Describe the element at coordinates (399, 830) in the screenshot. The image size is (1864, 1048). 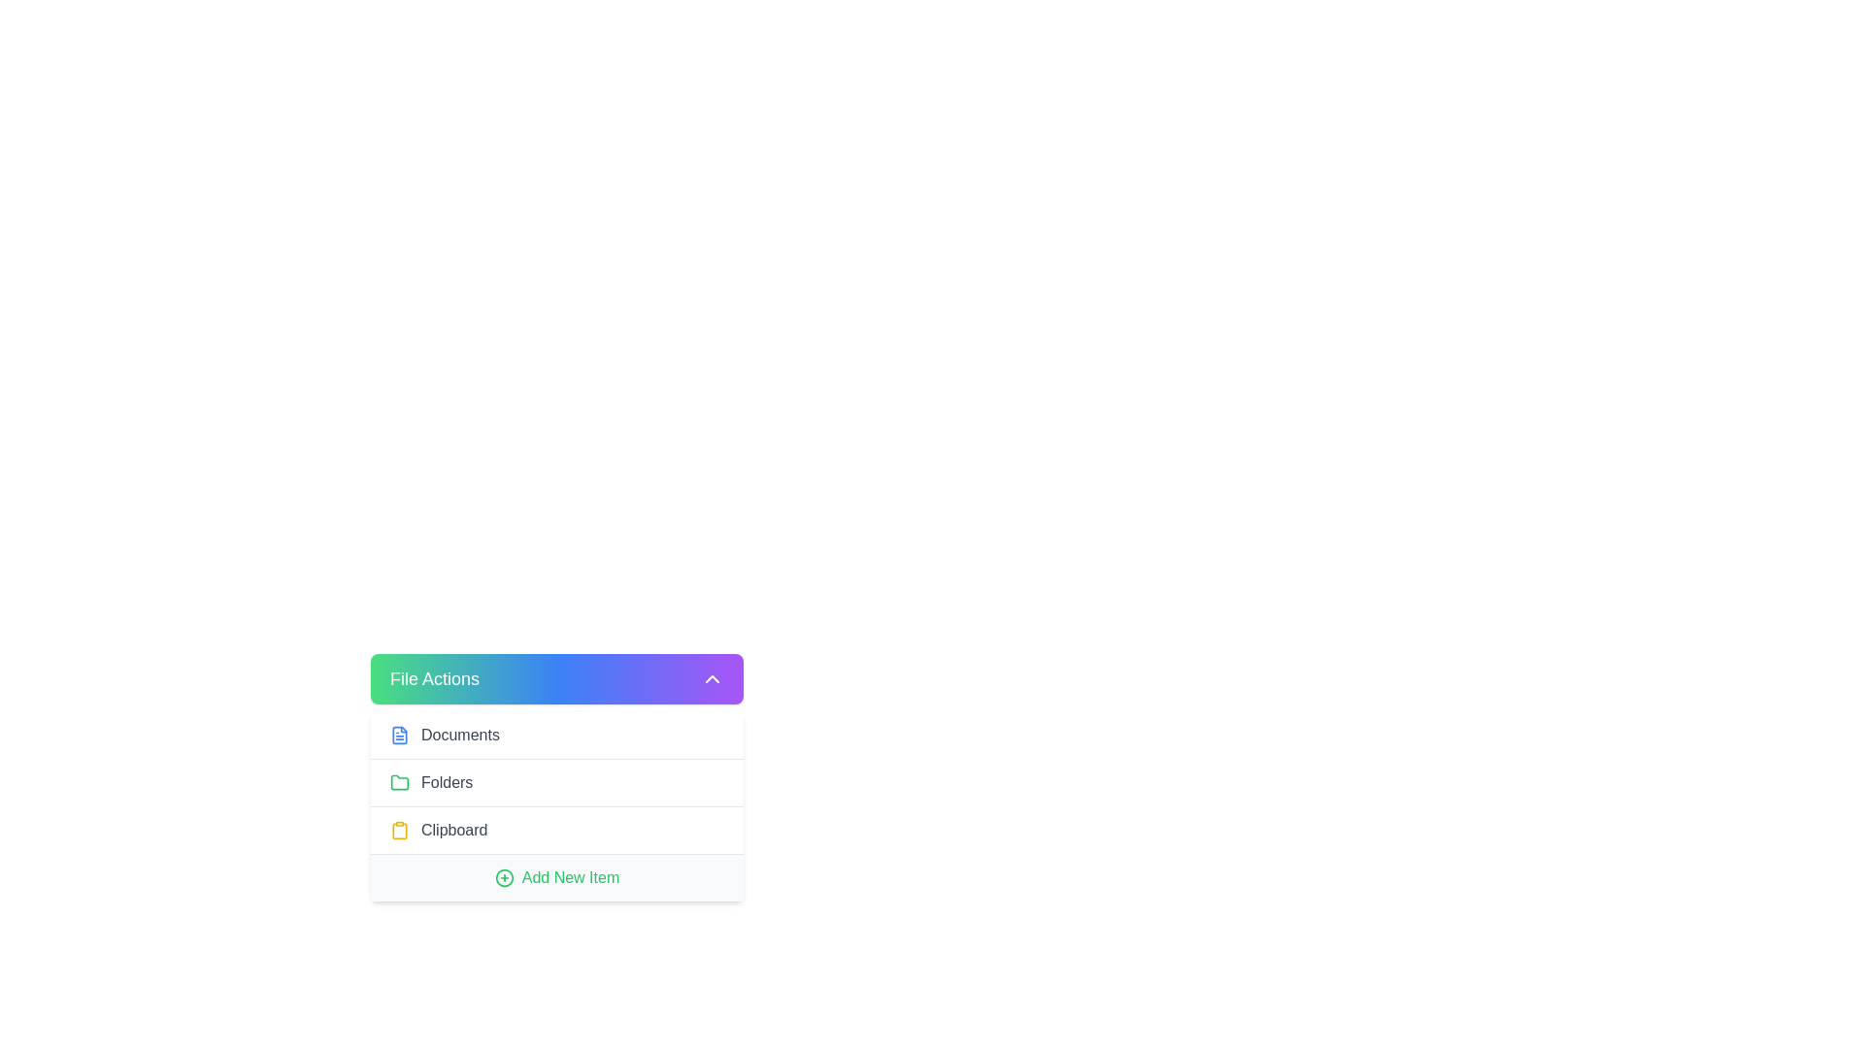
I see `the clipboard icon located in the 'File Actions' dropdown menu, which indicates the 'Clipboard' option next to 'Documents' and 'Folders'` at that location.